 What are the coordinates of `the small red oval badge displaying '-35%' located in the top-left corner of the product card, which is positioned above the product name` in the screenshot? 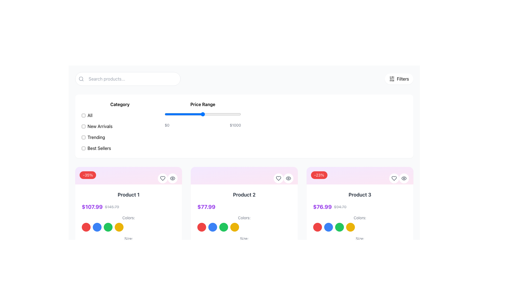 It's located at (88, 175).